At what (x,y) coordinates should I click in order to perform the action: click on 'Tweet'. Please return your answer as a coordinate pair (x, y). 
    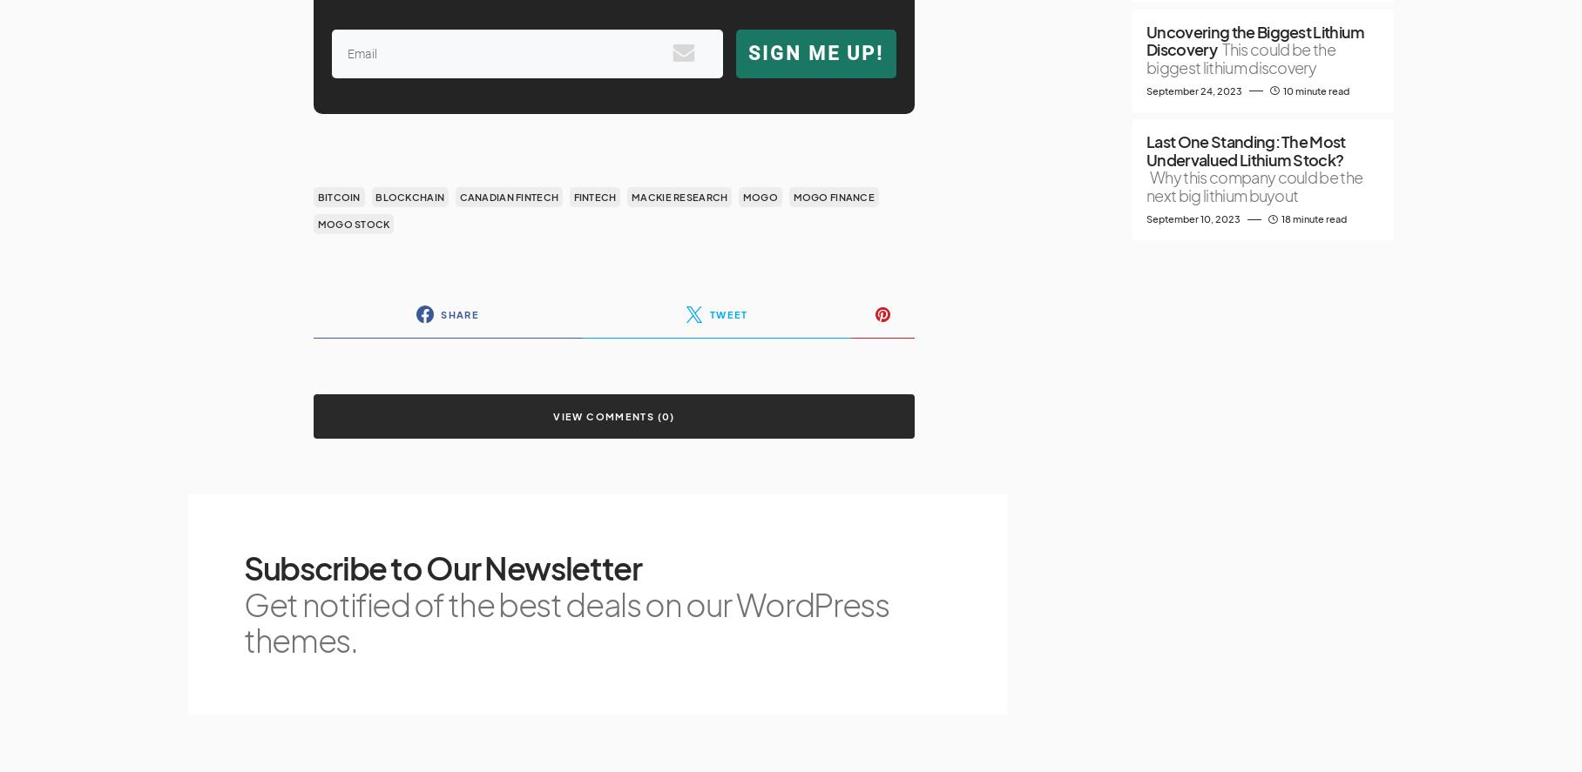
    Looking at the image, I should click on (727, 312).